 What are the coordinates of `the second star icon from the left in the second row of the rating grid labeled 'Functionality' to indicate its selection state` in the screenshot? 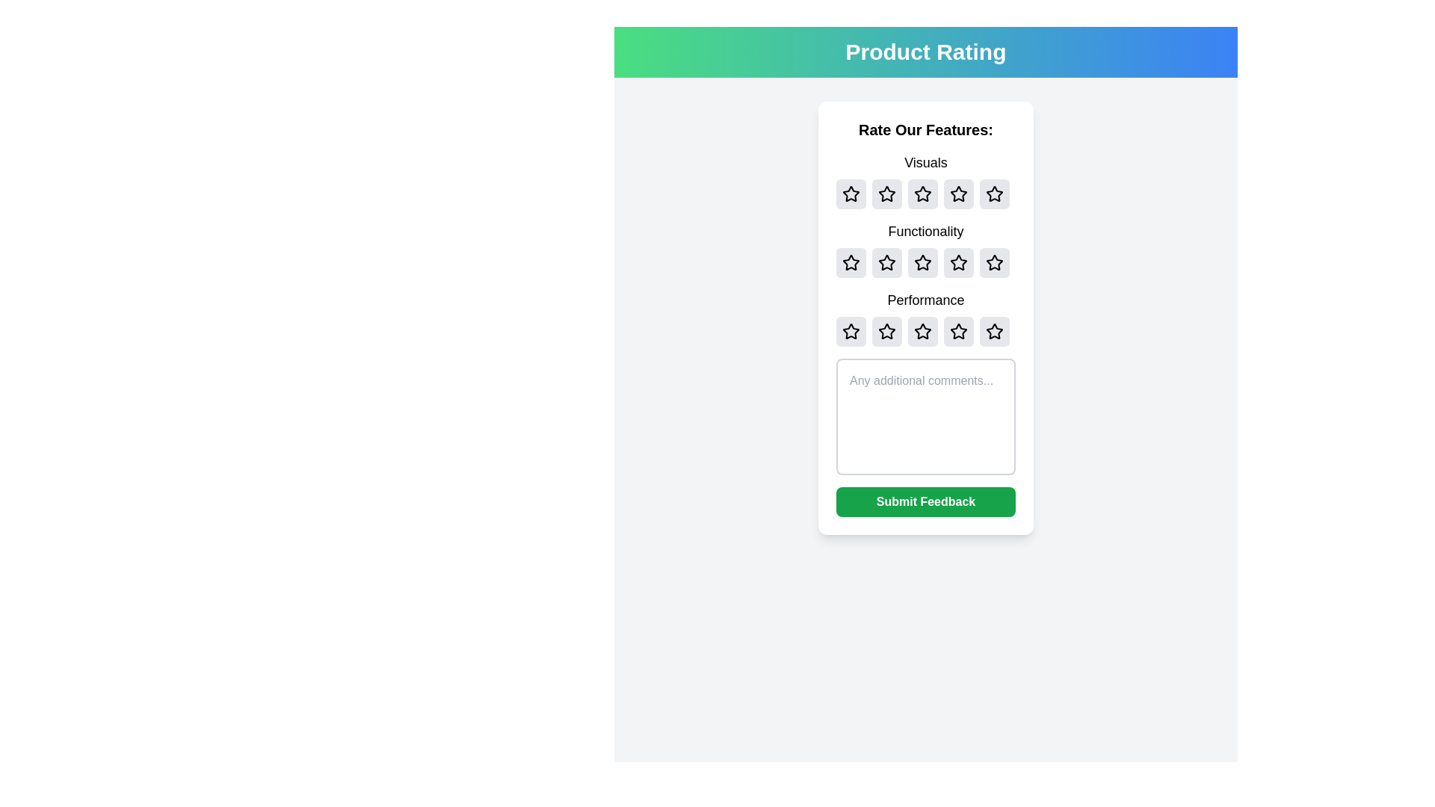 It's located at (886, 262).